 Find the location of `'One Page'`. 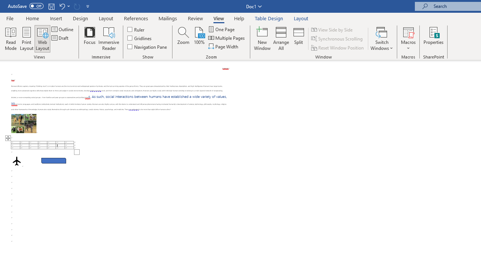

'One Page' is located at coordinates (221, 29).